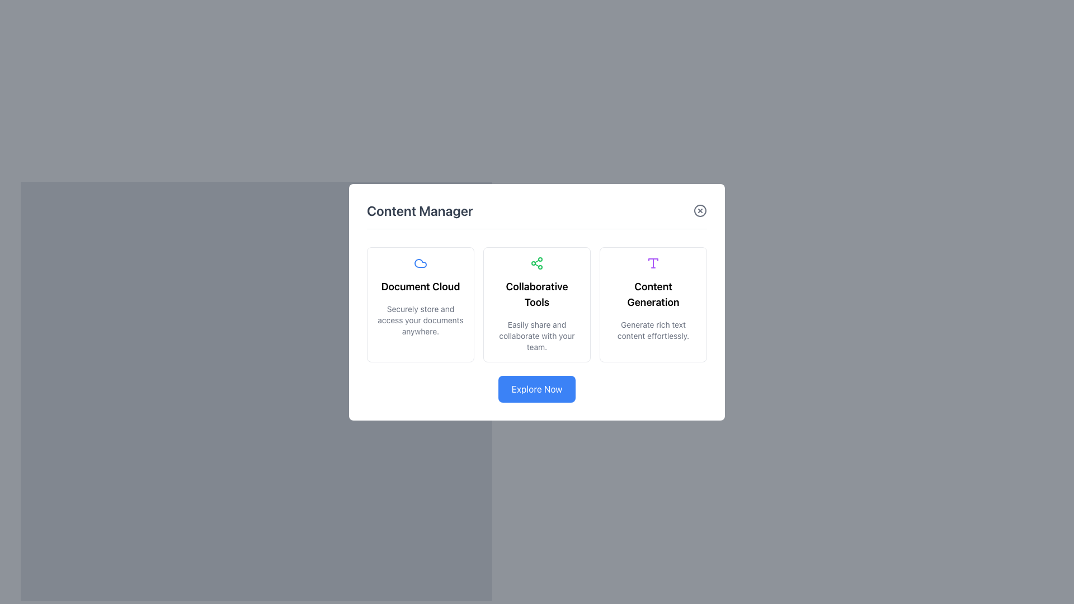 This screenshot has height=604, width=1074. Describe the element at coordinates (653, 259) in the screenshot. I see `the thin horizontal portion of the 'T' shaped icon above the 'Content Generation' label, which is styled in purple` at that location.